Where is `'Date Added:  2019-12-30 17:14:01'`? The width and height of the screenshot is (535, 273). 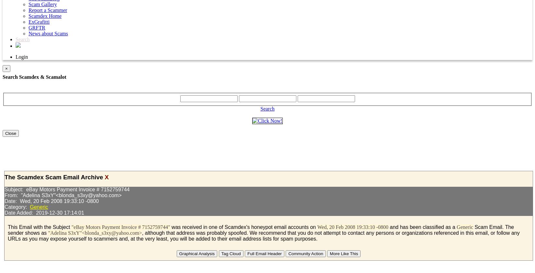
'Date Added:  2019-12-30 17:14:01' is located at coordinates (44, 213).